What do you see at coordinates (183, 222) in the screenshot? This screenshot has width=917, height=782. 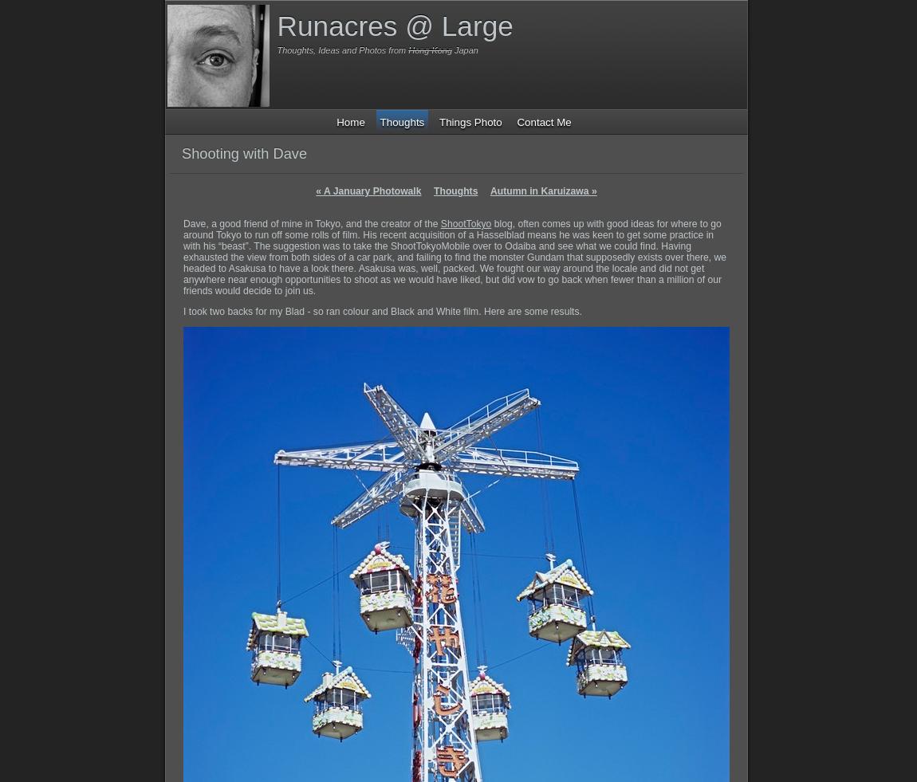 I see `'Dave, a good friend of mine in Tokyo, and the creator of the'` at bounding box center [183, 222].